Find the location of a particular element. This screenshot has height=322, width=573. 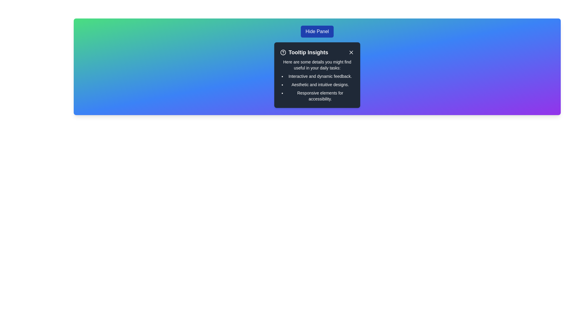

the decorative circle SVG shape that is part of the icon displayed to the left of the text title 'Tooltip Insights' in the popup tooltip is located at coordinates (283, 52).